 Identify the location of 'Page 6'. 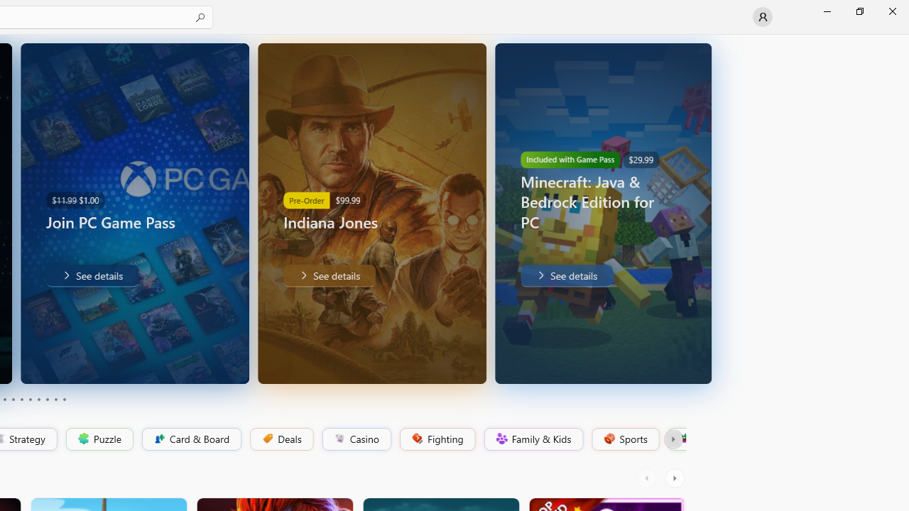
(30, 400).